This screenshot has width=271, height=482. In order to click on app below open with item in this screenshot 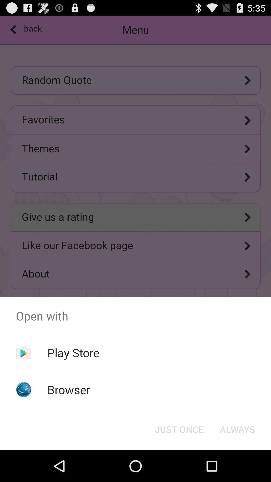, I will do `click(237, 429)`.